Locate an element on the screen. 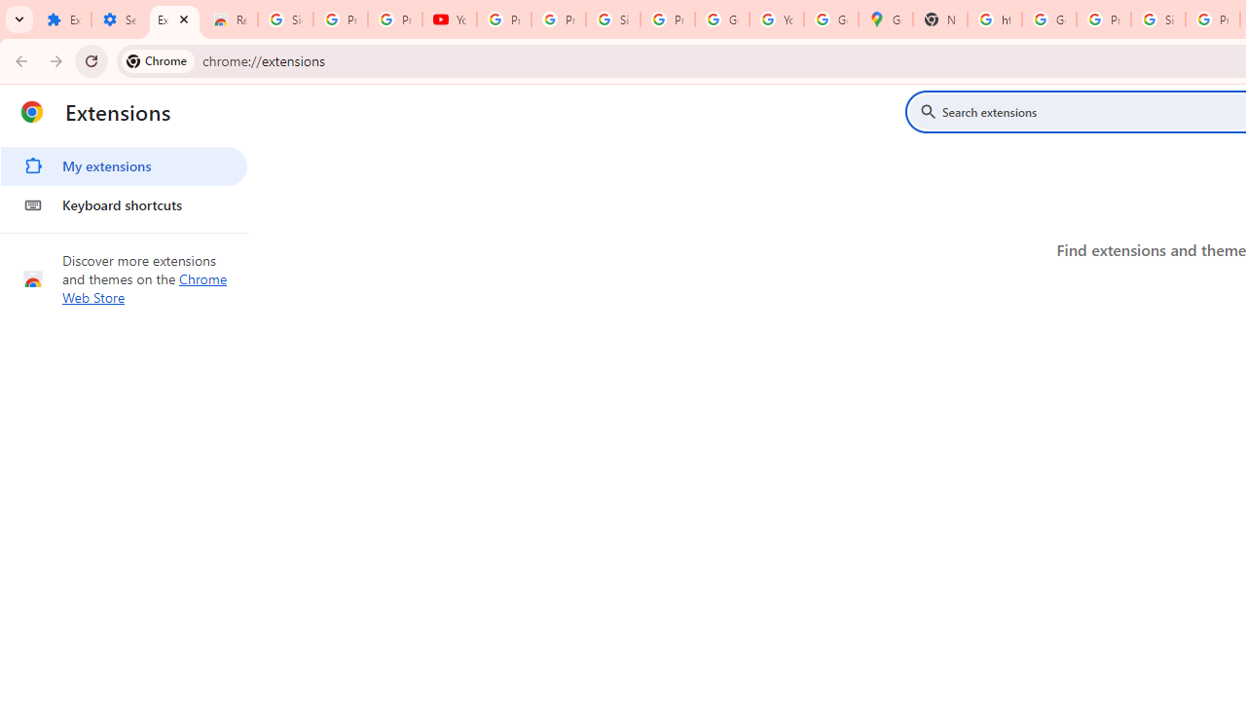 This screenshot has width=1246, height=701. 'Reviews: Helix Fruit Jump Arcade Game' is located at coordinates (230, 19).